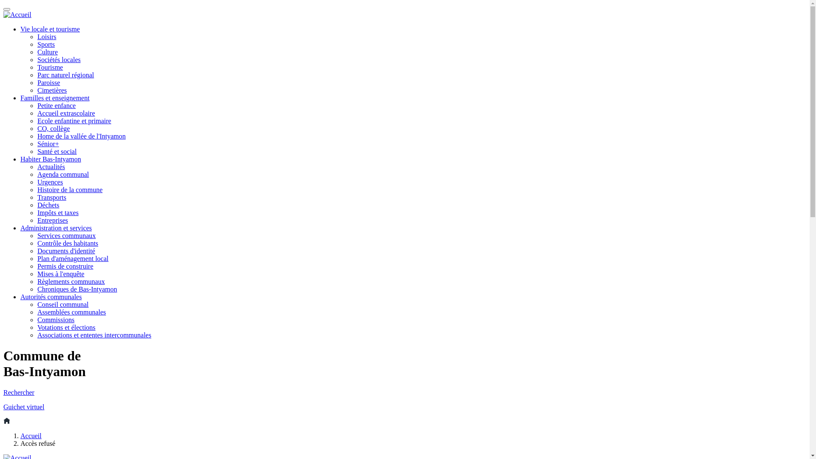 The image size is (816, 459). What do you see at coordinates (37, 113) in the screenshot?
I see `'Accueil extrascolaire'` at bounding box center [37, 113].